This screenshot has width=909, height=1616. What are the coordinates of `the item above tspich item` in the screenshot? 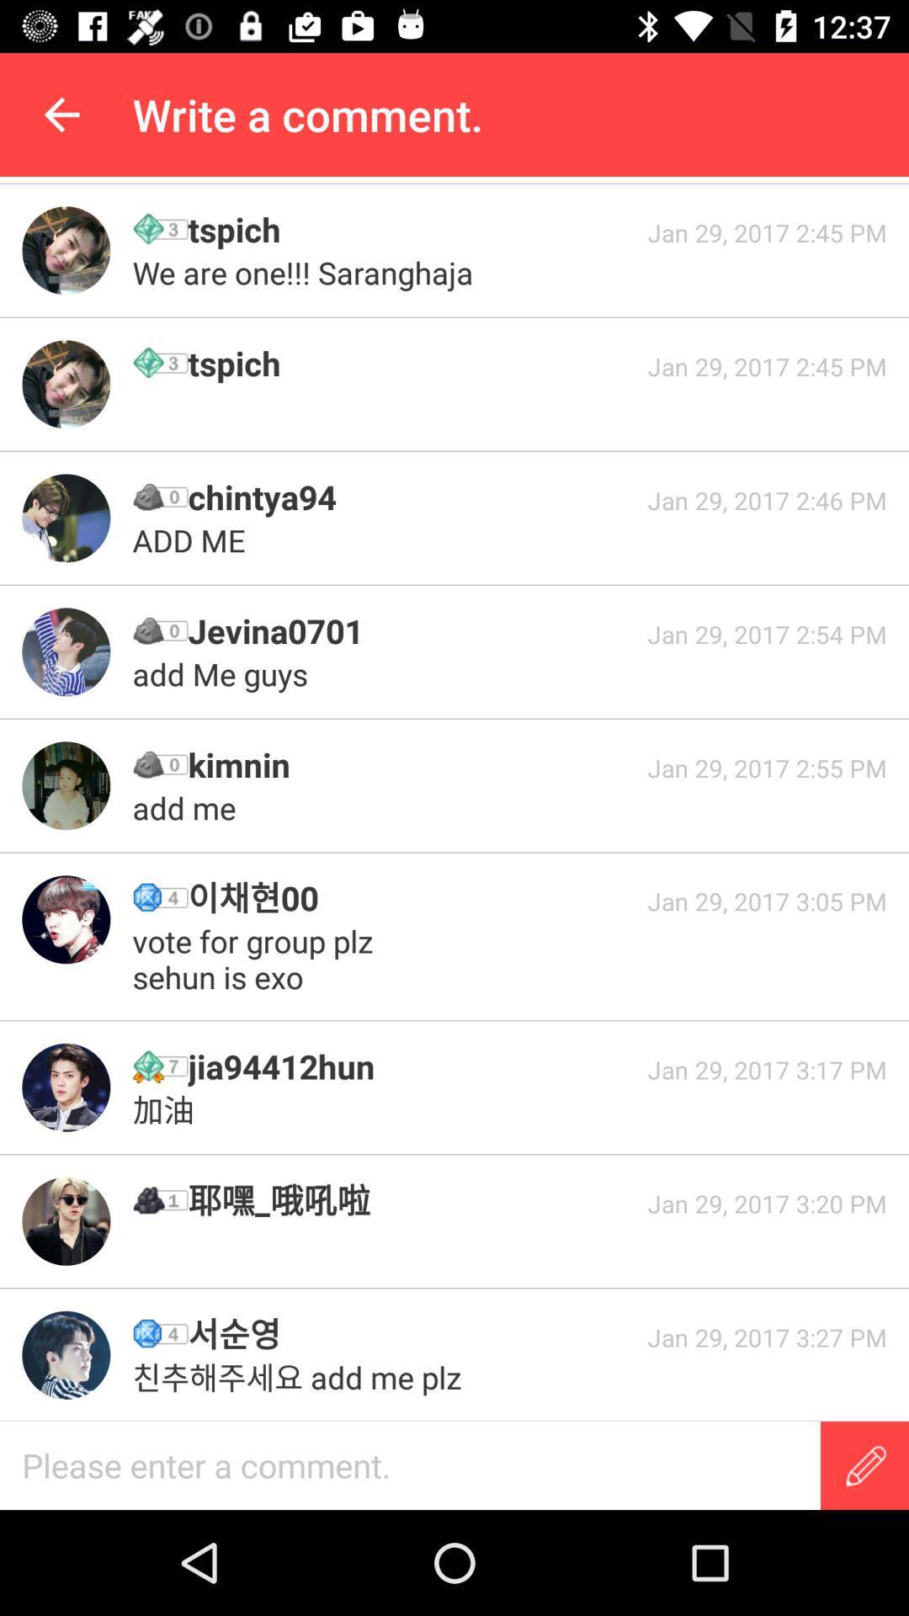 It's located at (306, 273).